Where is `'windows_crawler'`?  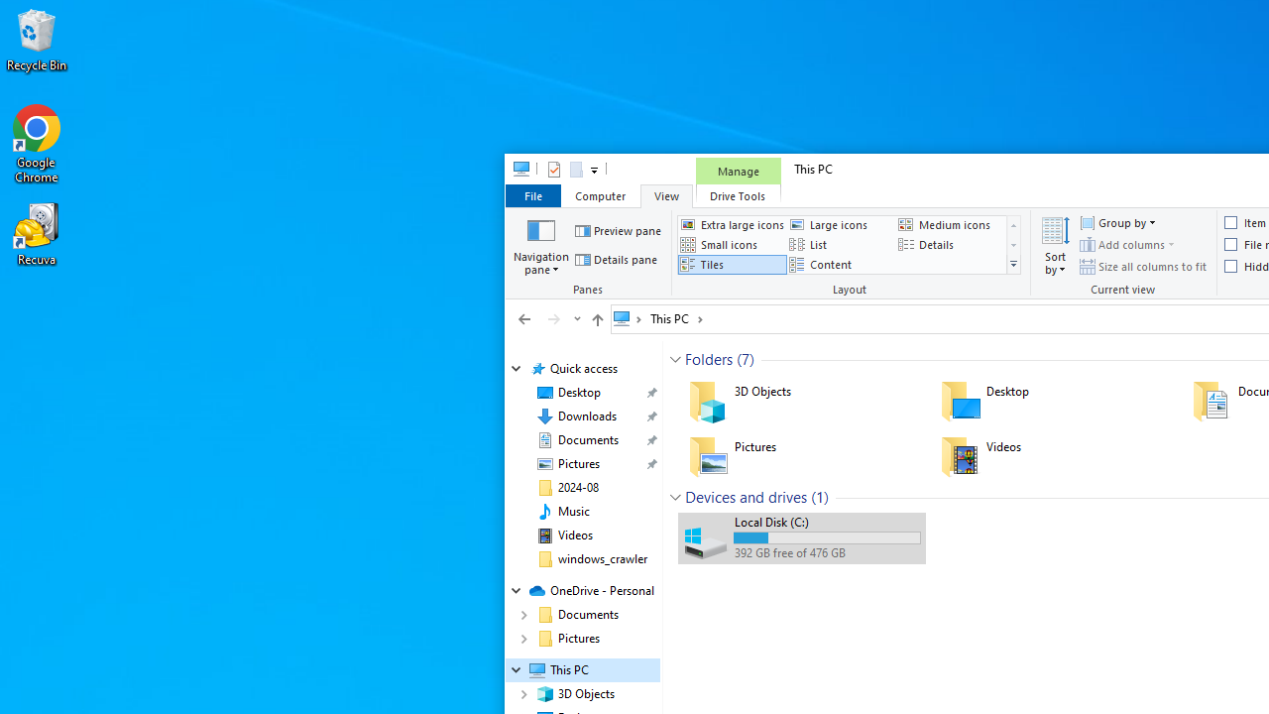 'windows_crawler' is located at coordinates (602, 559).